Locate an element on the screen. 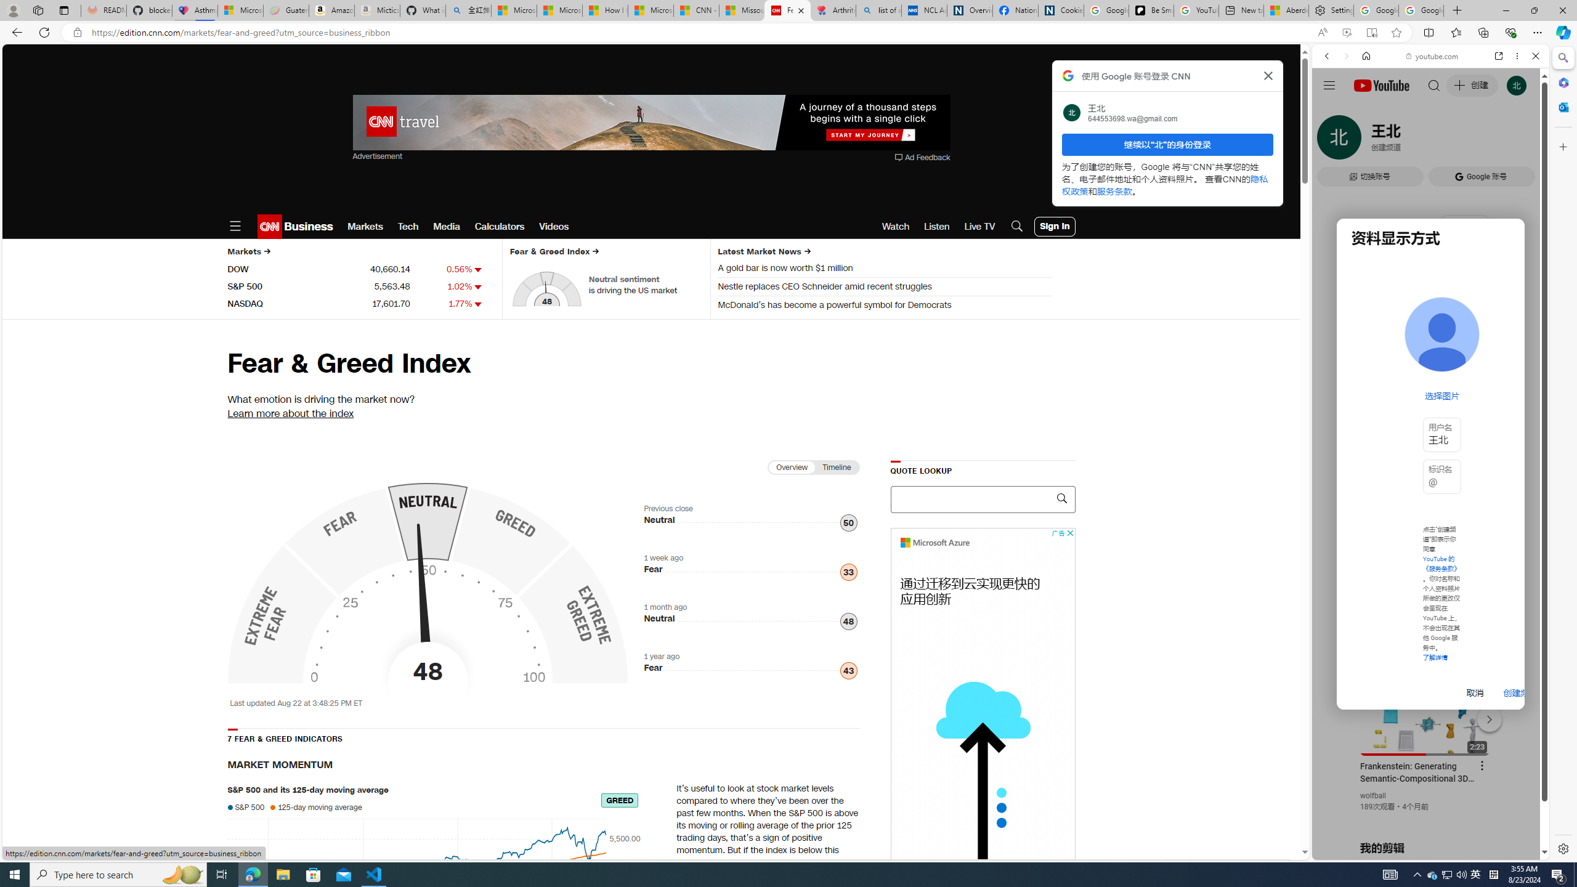  'YouTube - YouTube' is located at coordinates (1425, 607).